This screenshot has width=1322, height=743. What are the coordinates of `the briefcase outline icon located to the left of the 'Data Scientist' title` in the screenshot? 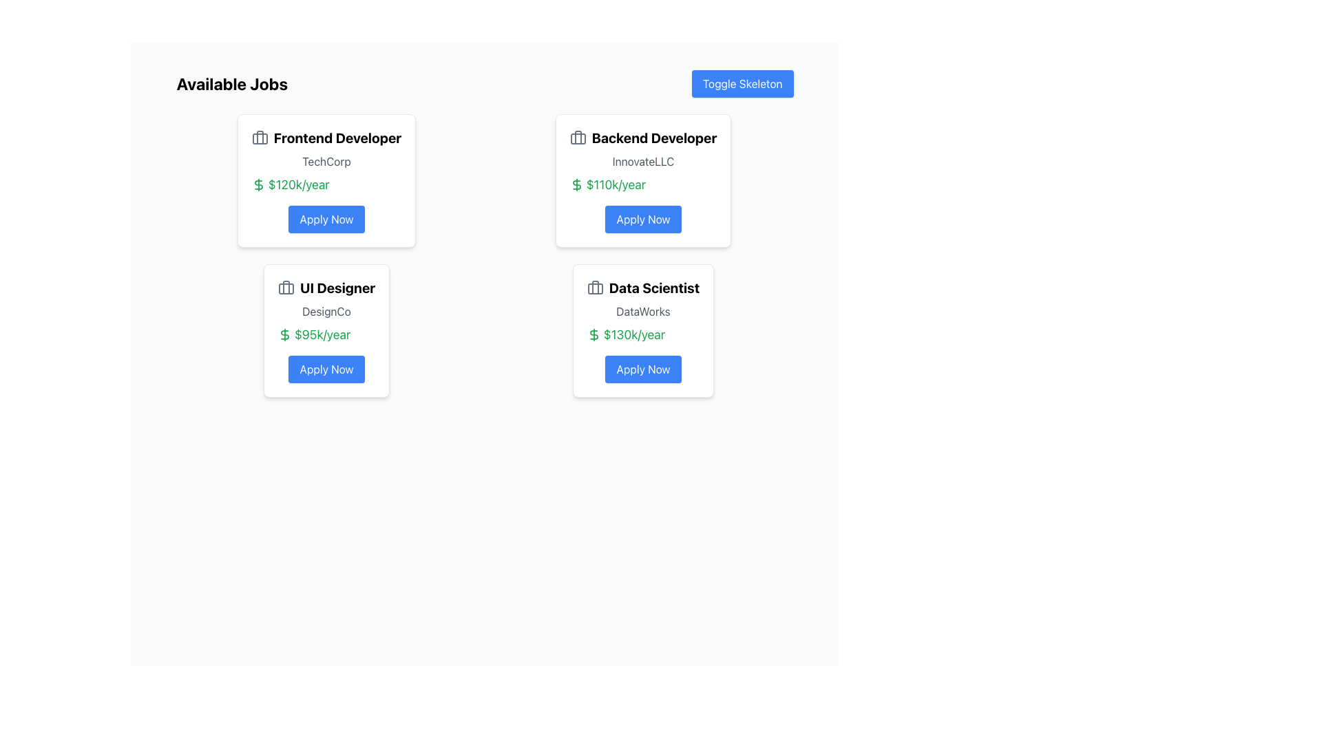 It's located at (595, 288).